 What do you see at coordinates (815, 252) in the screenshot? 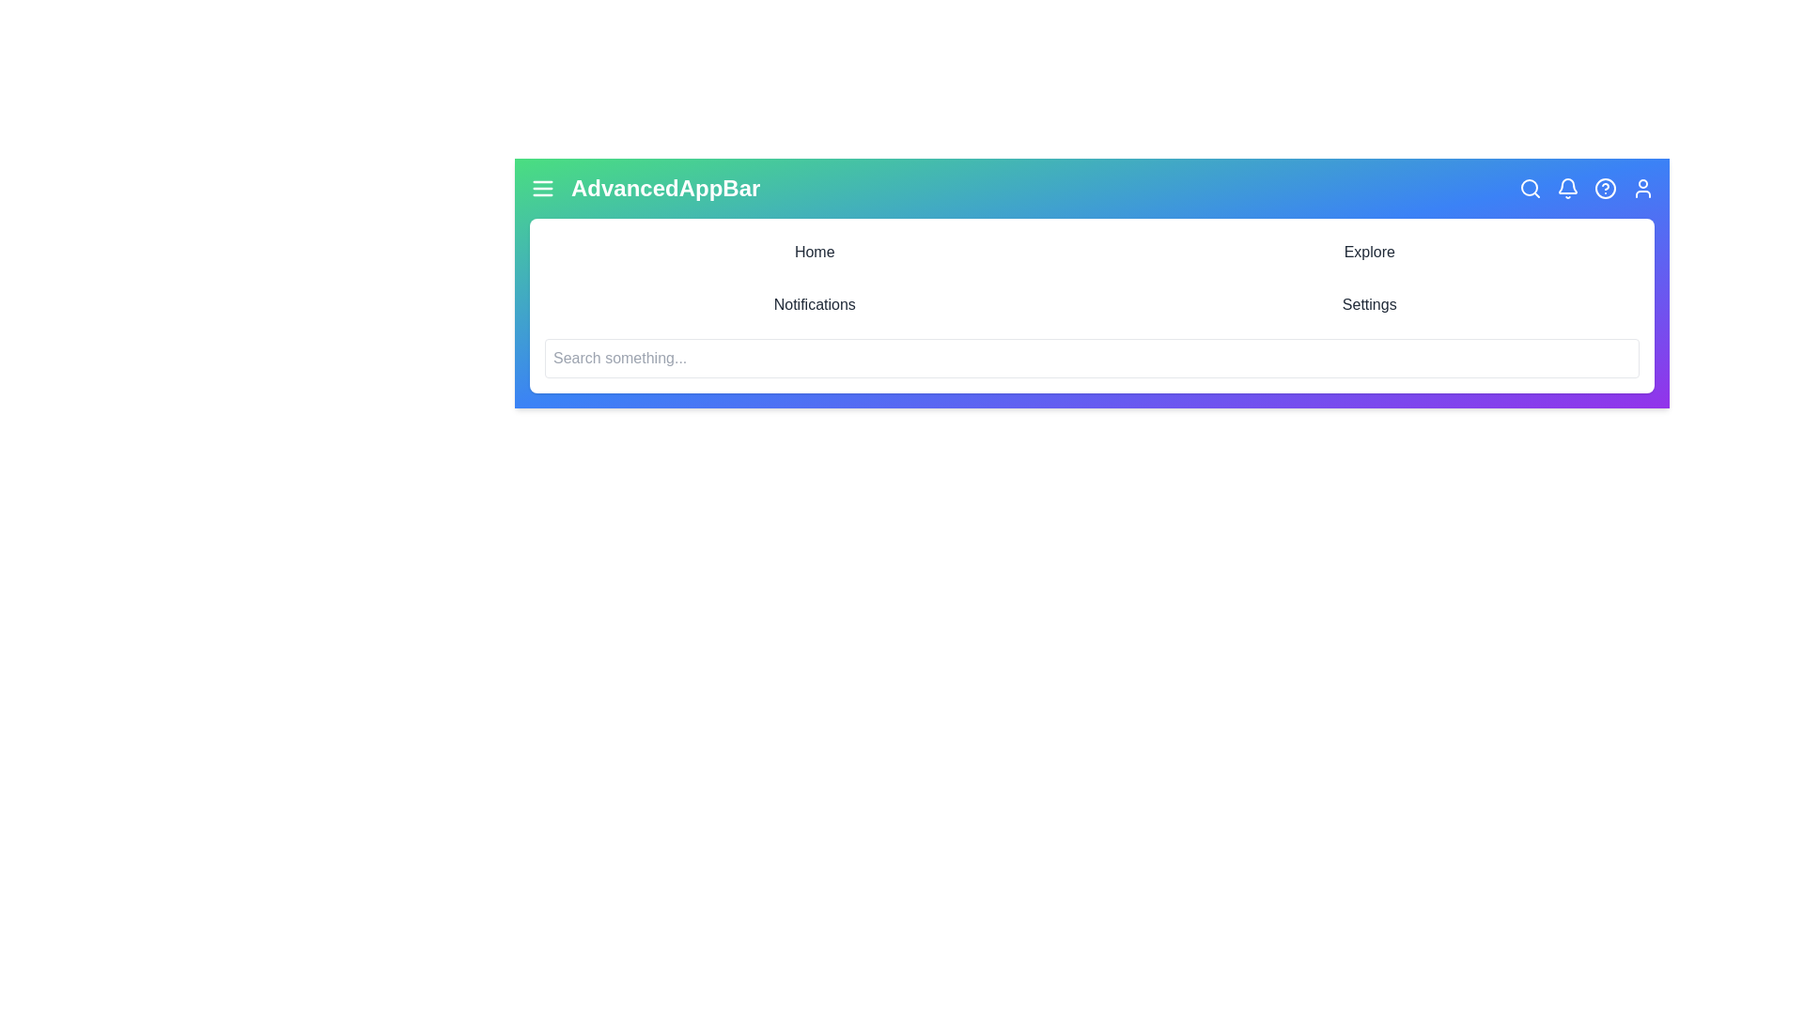
I see `the menu item Home to navigate to the corresponding section` at bounding box center [815, 252].